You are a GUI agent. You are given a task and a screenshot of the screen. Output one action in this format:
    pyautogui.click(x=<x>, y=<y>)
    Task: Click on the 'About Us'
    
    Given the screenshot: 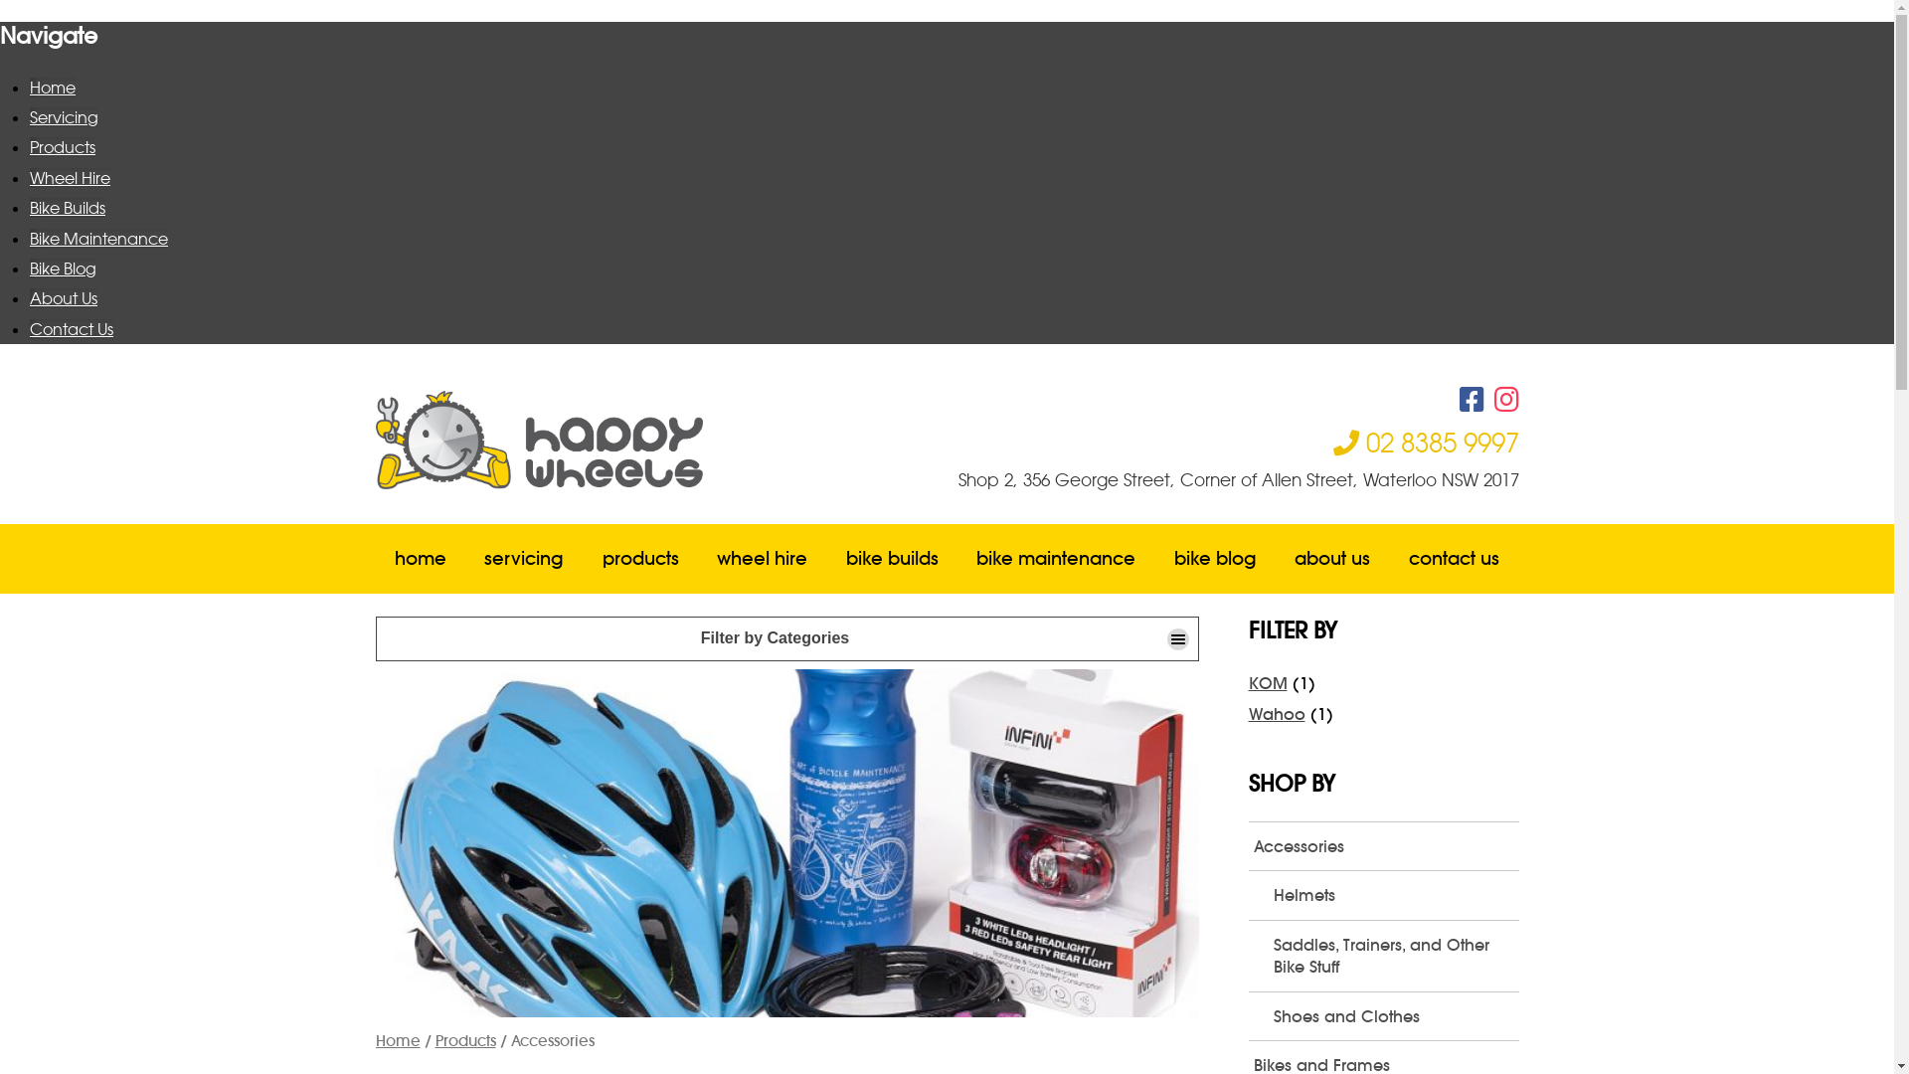 What is the action you would take?
    pyautogui.click(x=63, y=298)
    